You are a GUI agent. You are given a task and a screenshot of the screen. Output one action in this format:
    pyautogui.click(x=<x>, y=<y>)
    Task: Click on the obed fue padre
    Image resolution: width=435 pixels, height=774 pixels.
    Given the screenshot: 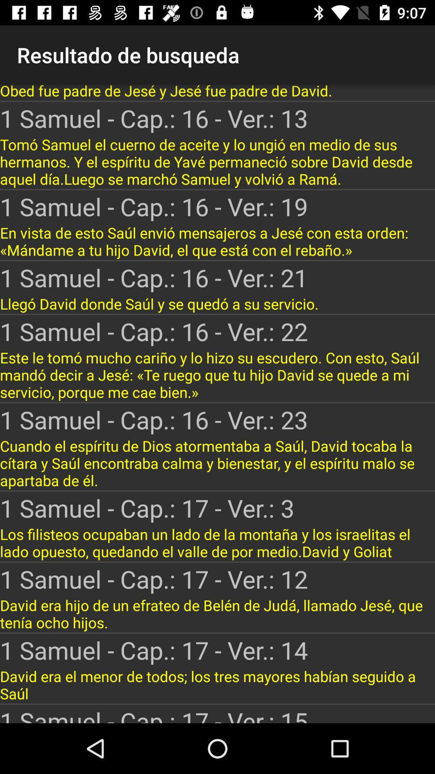 What is the action you would take?
    pyautogui.click(x=217, y=92)
    